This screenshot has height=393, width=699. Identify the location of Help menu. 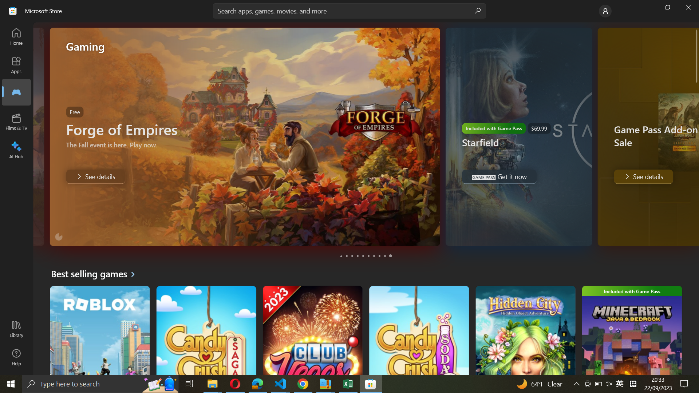
(16, 357).